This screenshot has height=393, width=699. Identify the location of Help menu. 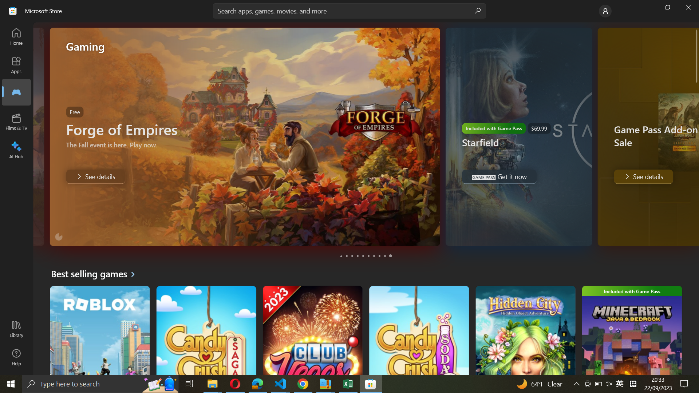
(16, 357).